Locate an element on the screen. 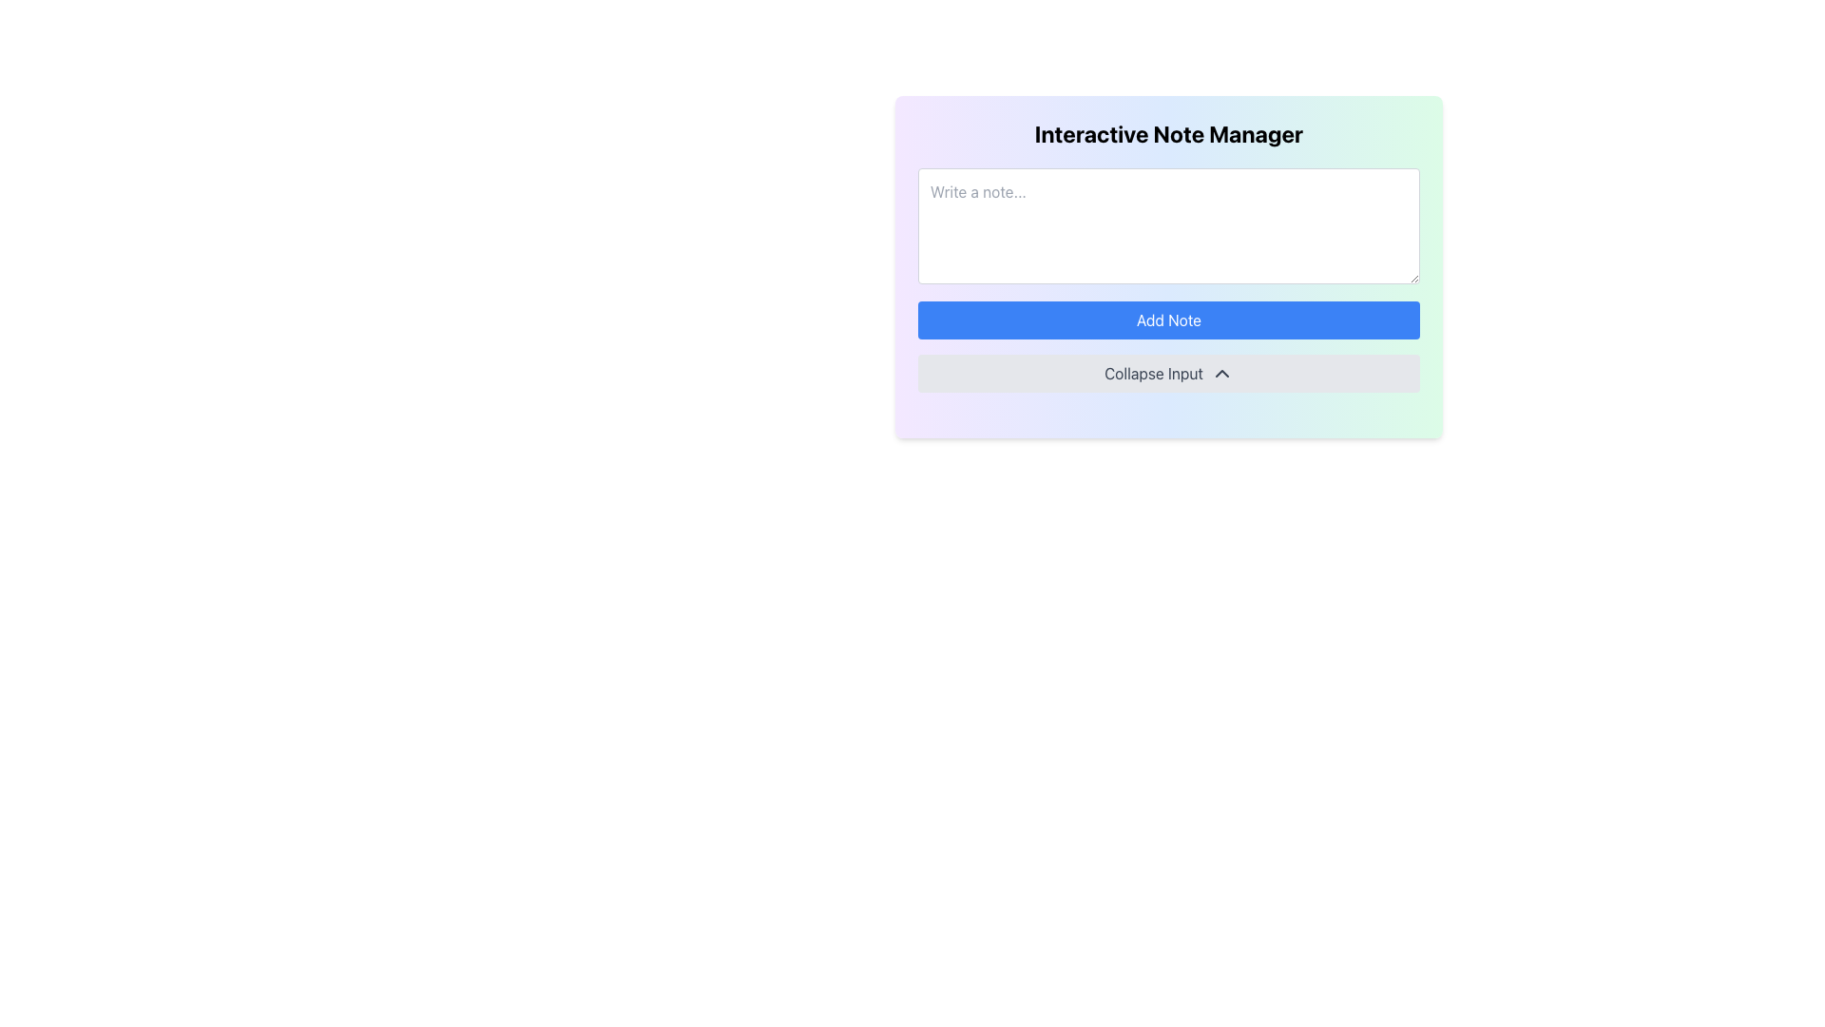  the 'Collapse Input' button, which has a light gray background and an upward arrow icon is located at coordinates (1167, 374).